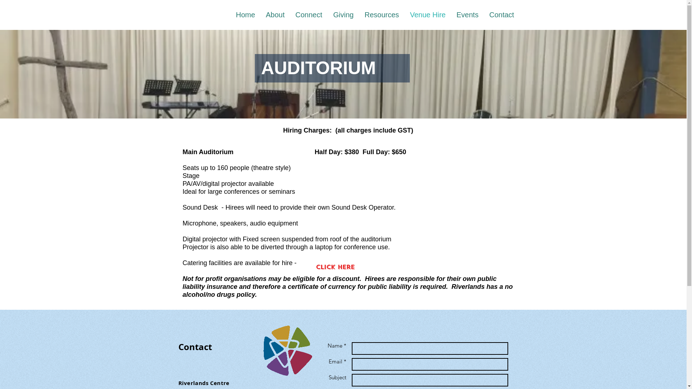  I want to click on 'Home', so click(245, 15).